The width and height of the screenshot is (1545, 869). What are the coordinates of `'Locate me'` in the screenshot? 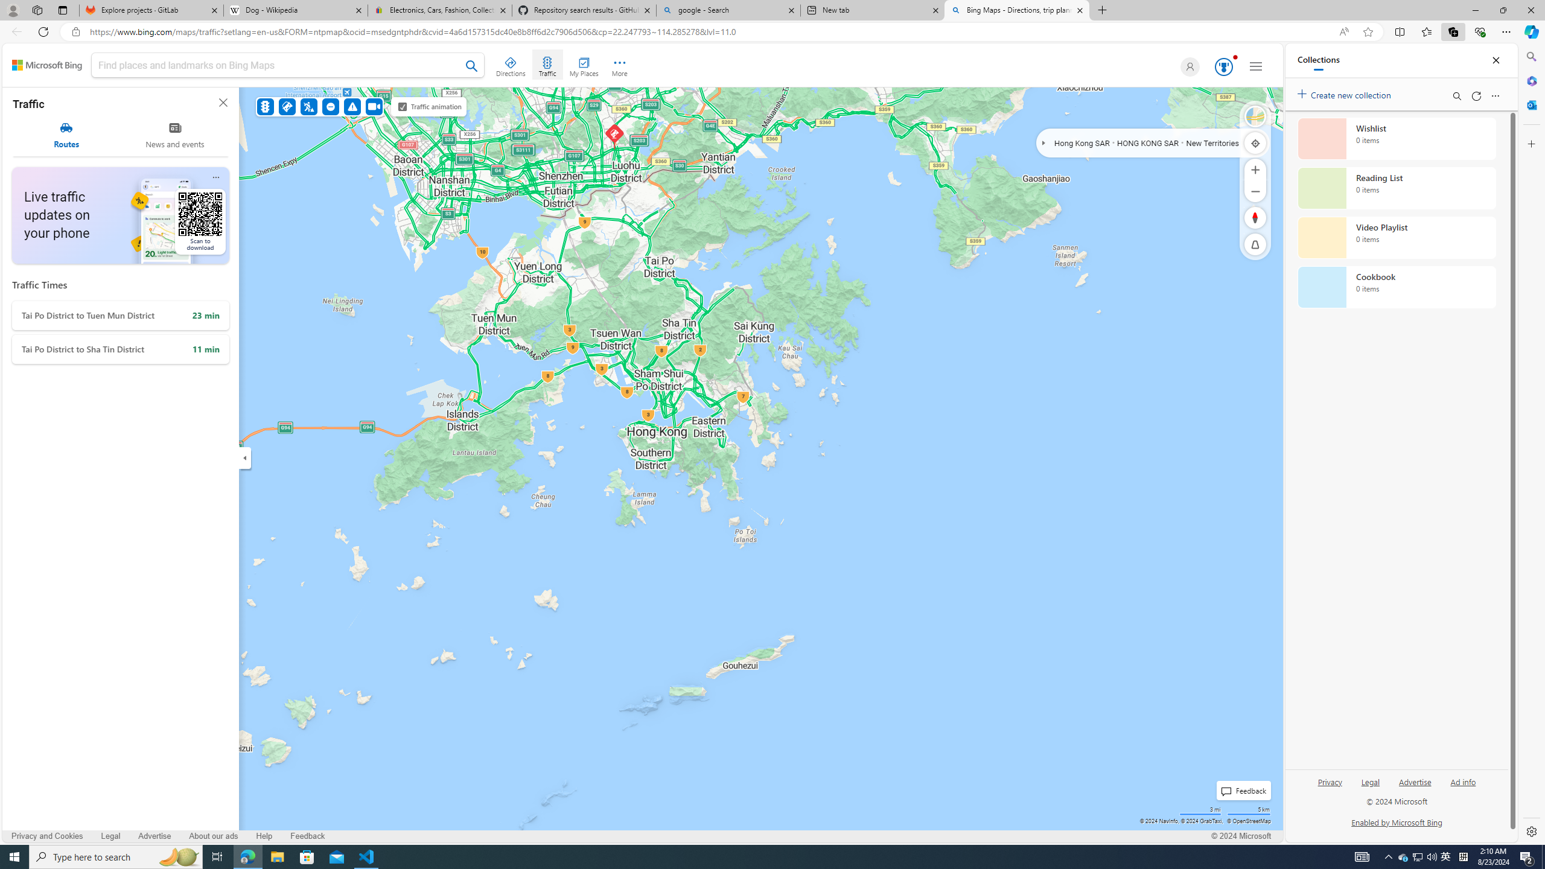 It's located at (1255, 142).